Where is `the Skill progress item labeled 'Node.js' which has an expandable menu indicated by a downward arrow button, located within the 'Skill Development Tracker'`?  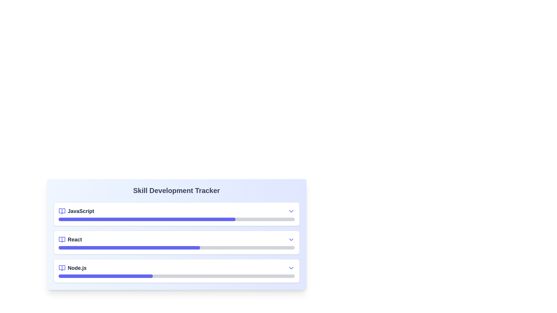 the Skill progress item labeled 'Node.js' which has an expandable menu indicated by a downward arrow button, located within the 'Skill Development Tracker' is located at coordinates (176, 271).